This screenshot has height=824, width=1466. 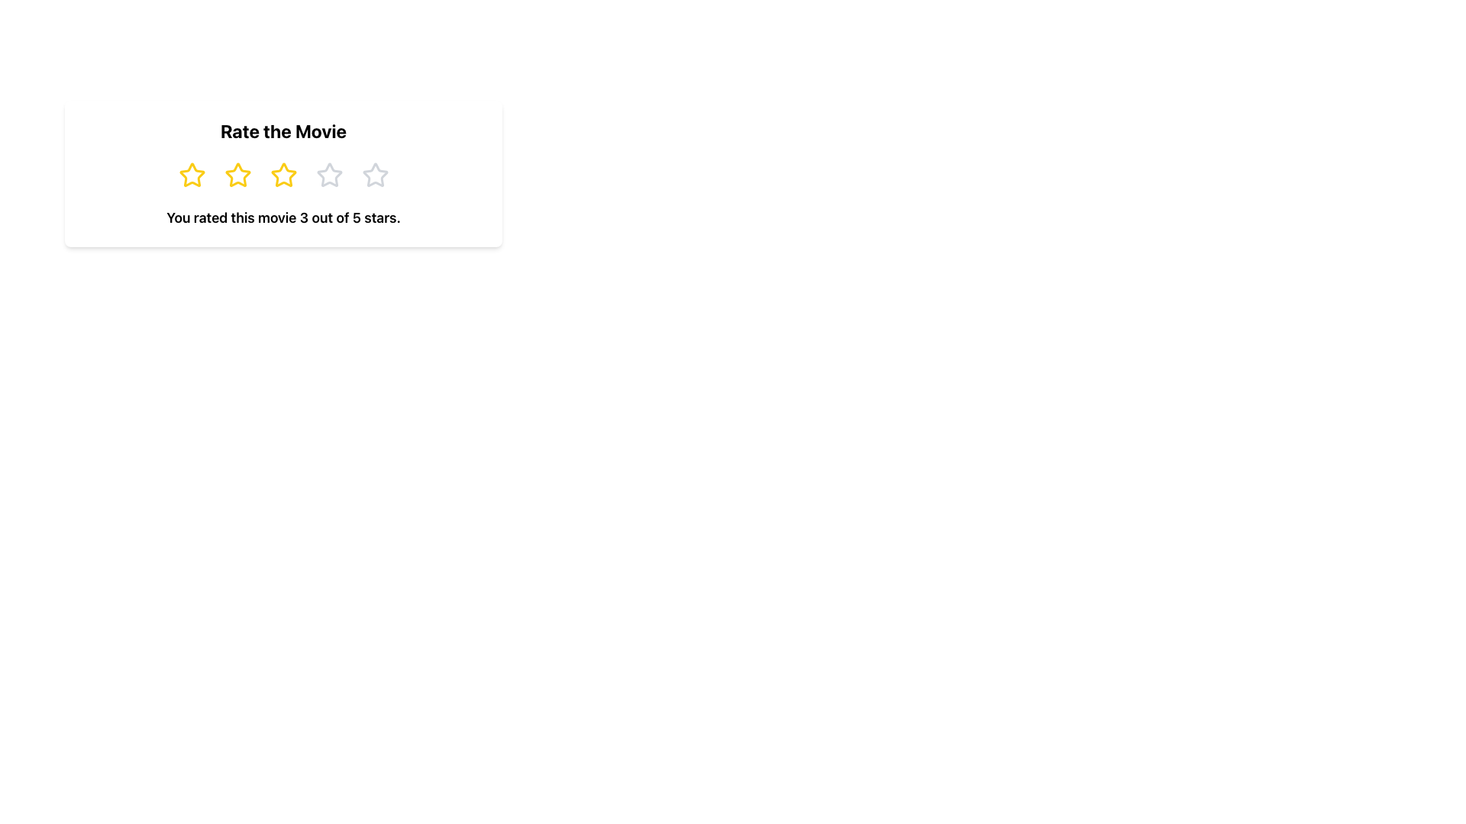 I want to click on the third star-shaped Rating Icon (Star) with a yellow outline beneath the text 'Rate the Movie' to set a rating, so click(x=283, y=175).